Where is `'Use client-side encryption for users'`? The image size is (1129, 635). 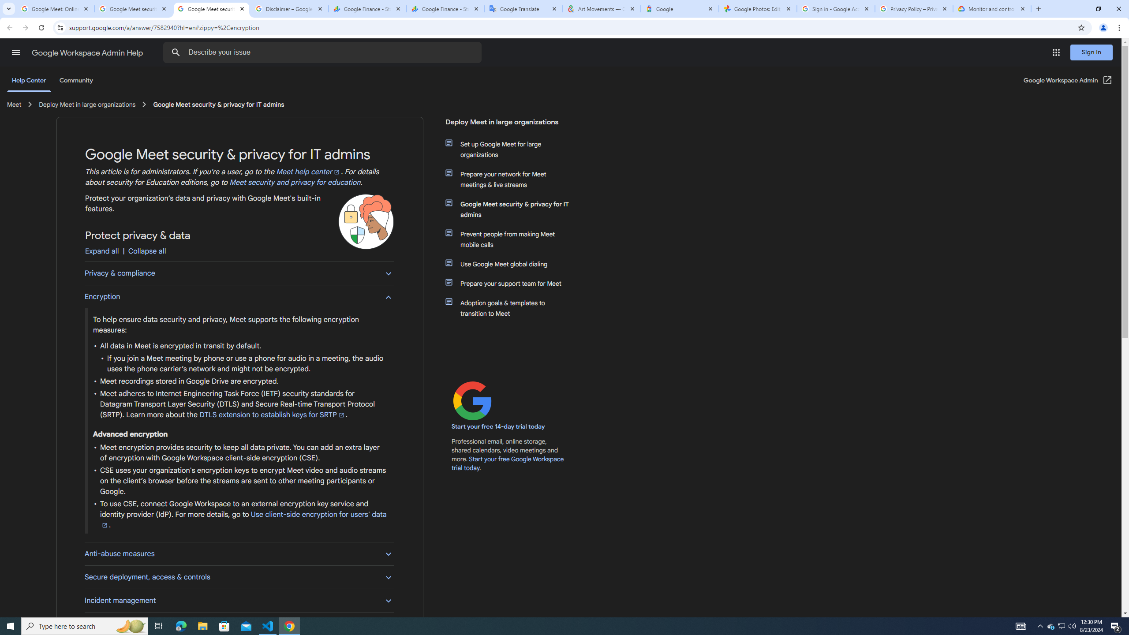 'Use client-side encryption for users' is located at coordinates (243, 519).